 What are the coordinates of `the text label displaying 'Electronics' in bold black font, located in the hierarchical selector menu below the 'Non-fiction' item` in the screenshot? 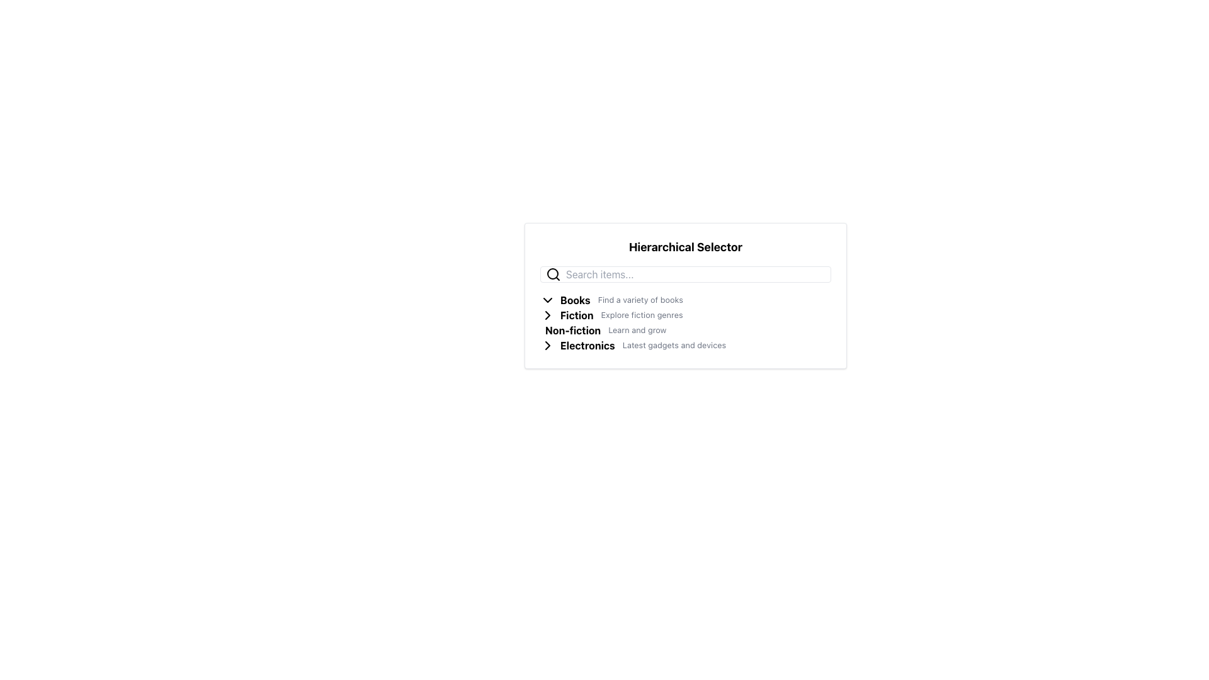 It's located at (587, 345).